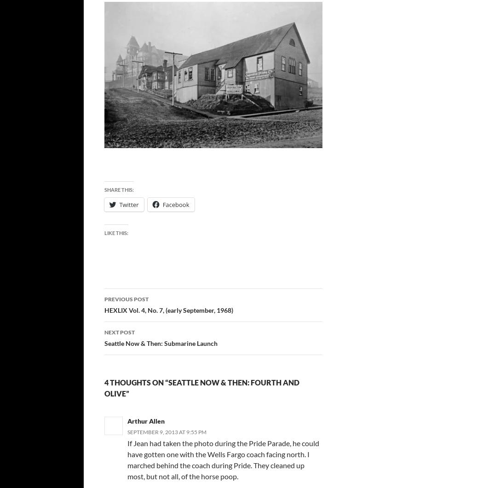 The width and height of the screenshot is (483, 488). What do you see at coordinates (166, 431) in the screenshot?
I see `'September 9, 2013 at 9:55 pm'` at bounding box center [166, 431].